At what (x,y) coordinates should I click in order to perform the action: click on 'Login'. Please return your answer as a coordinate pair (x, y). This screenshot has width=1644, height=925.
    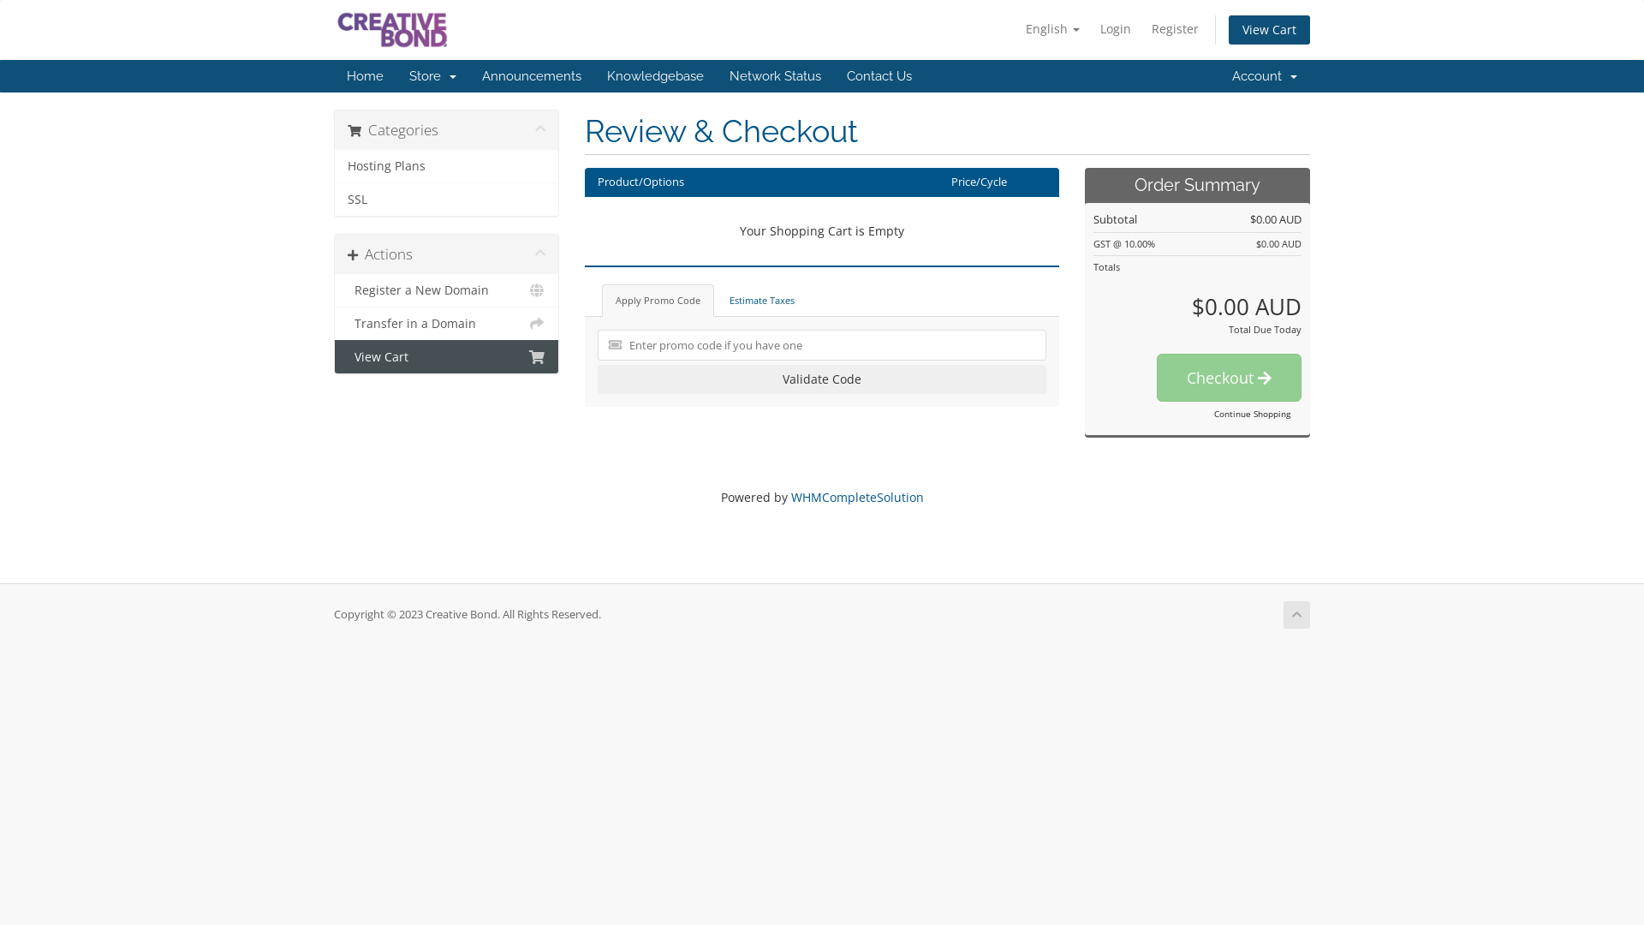
    Looking at the image, I should click on (1091, 29).